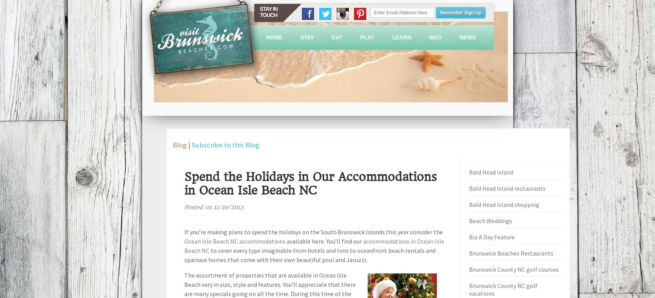  Describe the element at coordinates (314, 245) in the screenshot. I see `'accommodations in Ocean Isle Beach NC'` at that location.